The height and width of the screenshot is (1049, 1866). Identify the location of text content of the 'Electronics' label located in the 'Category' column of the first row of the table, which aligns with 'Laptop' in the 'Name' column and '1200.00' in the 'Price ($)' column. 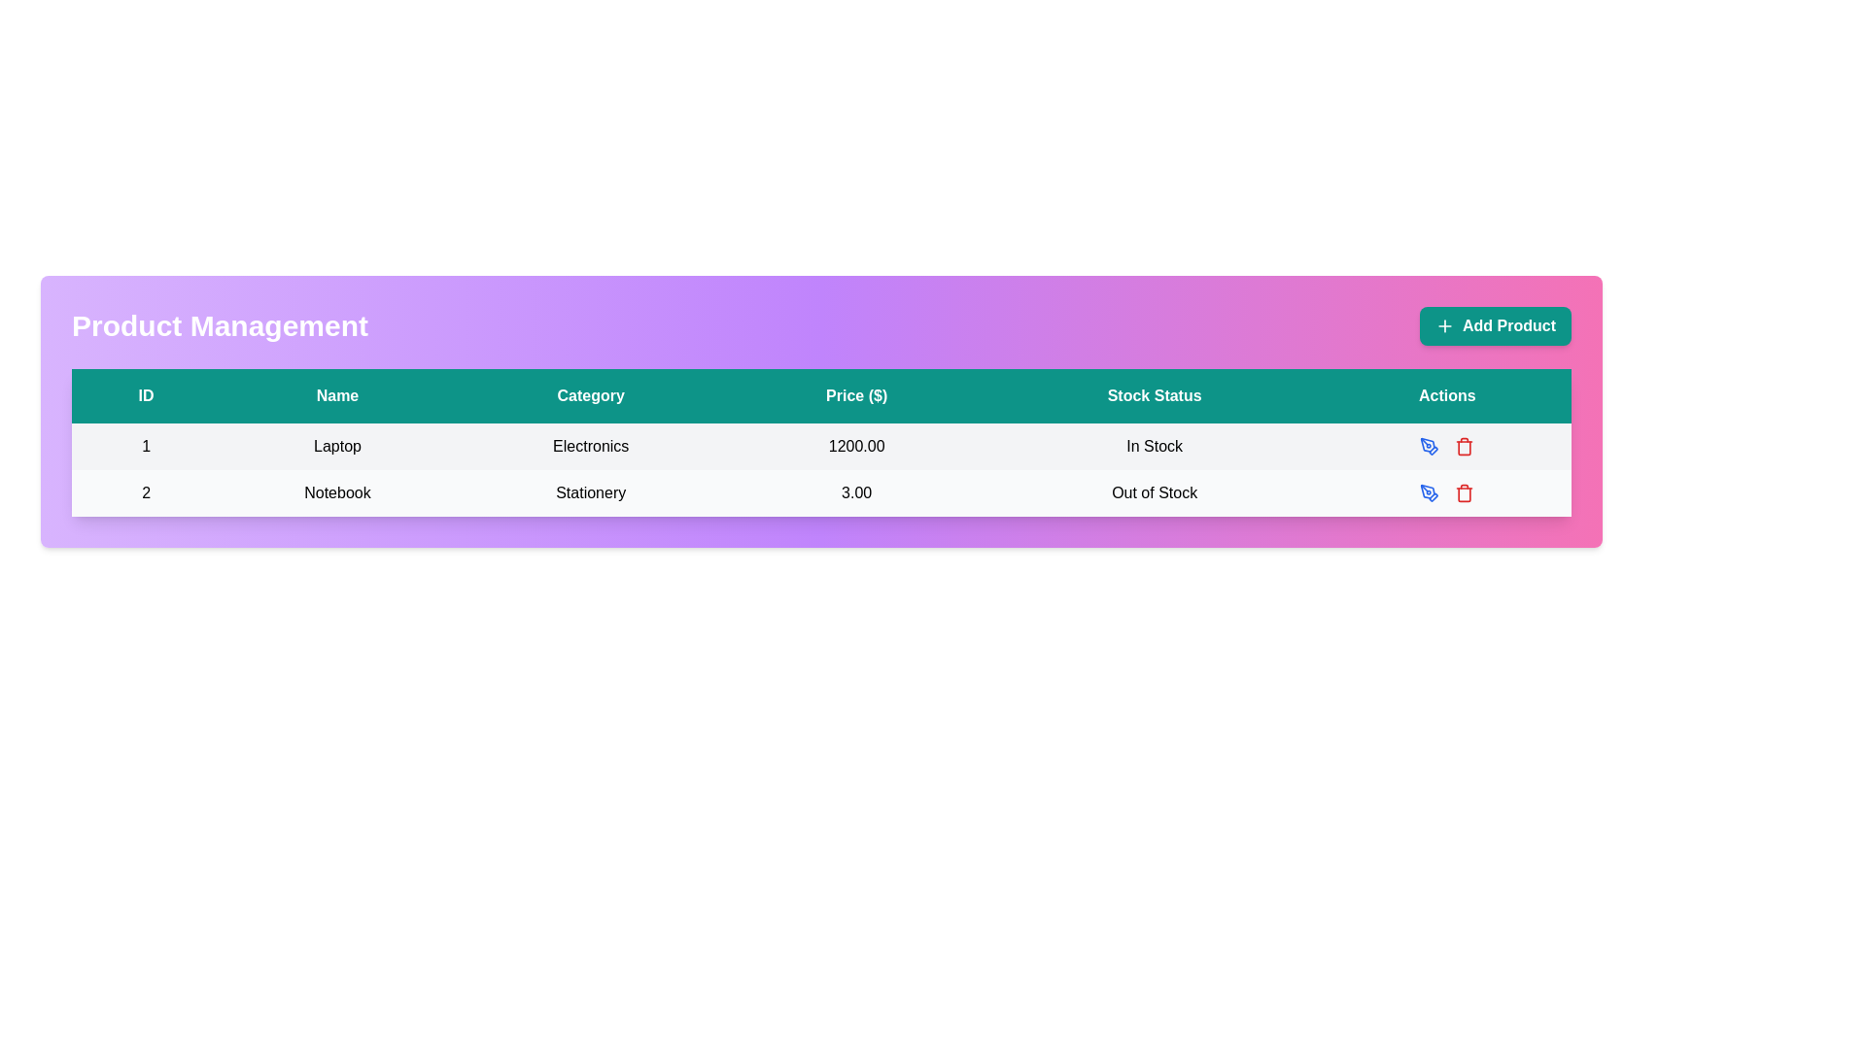
(590, 446).